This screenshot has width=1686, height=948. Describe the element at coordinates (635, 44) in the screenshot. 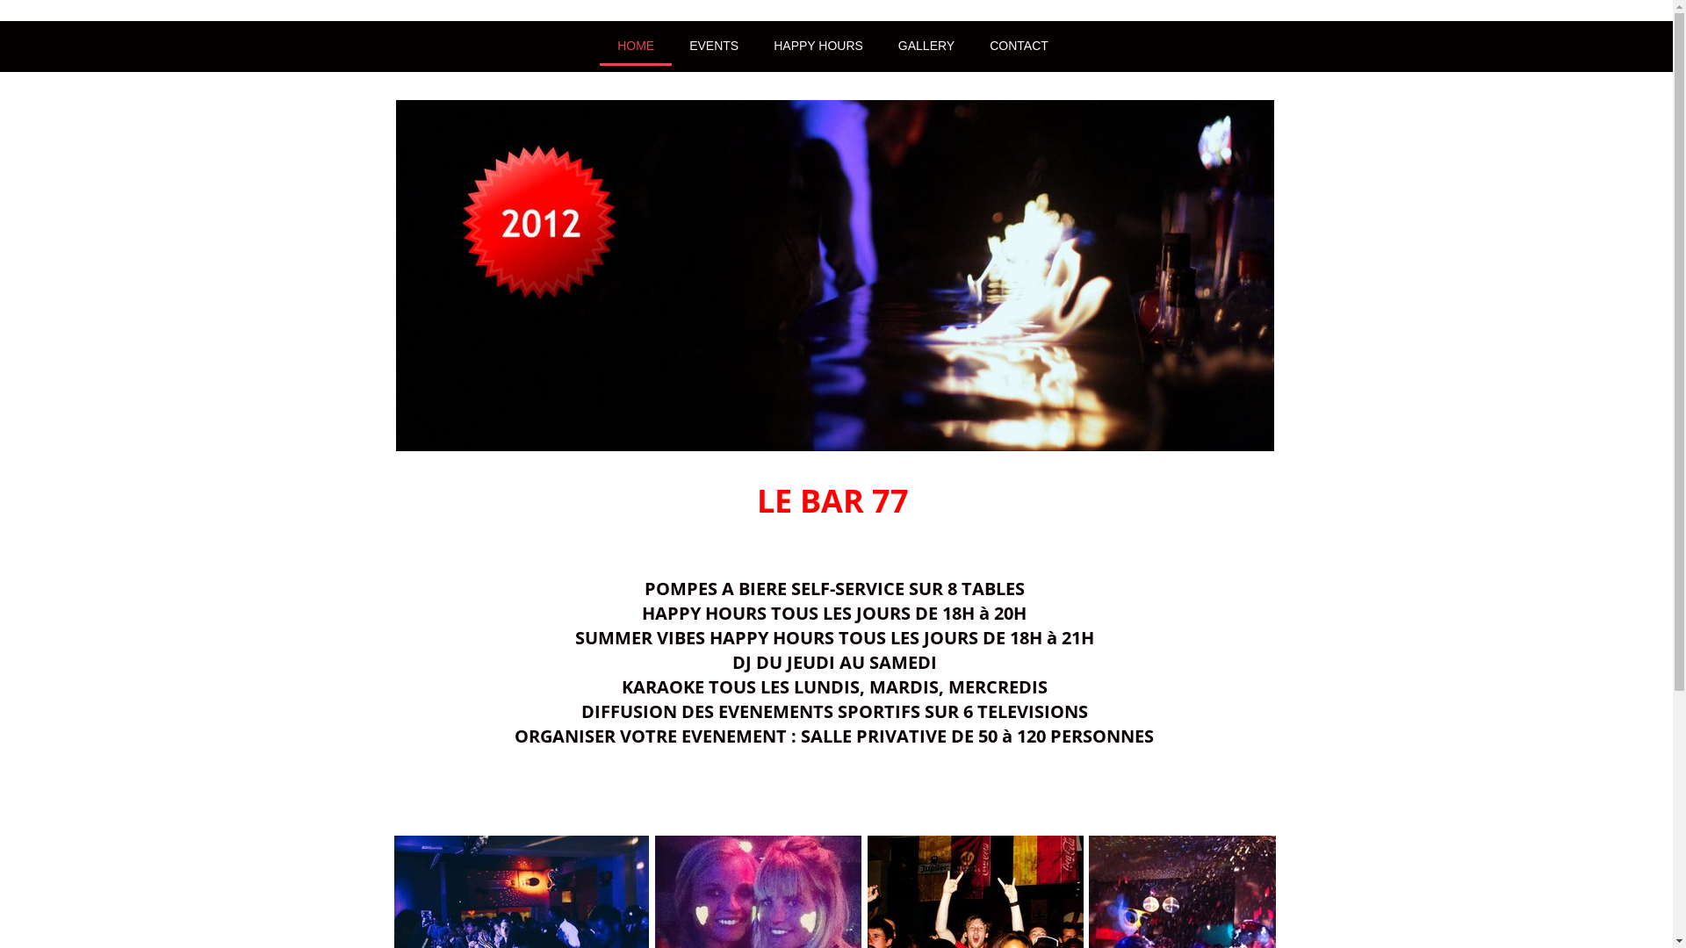

I see `'HOME'` at that location.